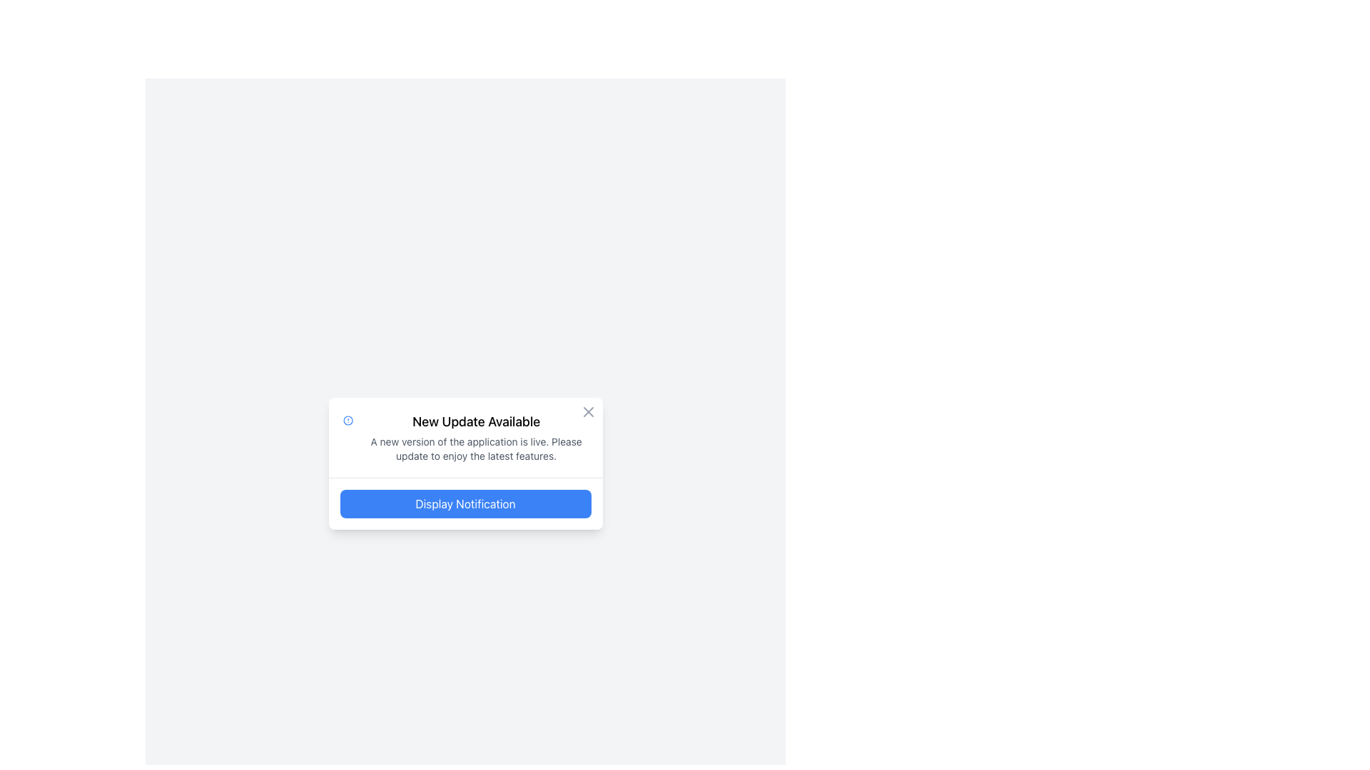 The height and width of the screenshot is (770, 1370). What do you see at coordinates (588, 411) in the screenshot?
I see `the minimalistic diagonal cross icon located in the top-right corner of the notification modal` at bounding box center [588, 411].